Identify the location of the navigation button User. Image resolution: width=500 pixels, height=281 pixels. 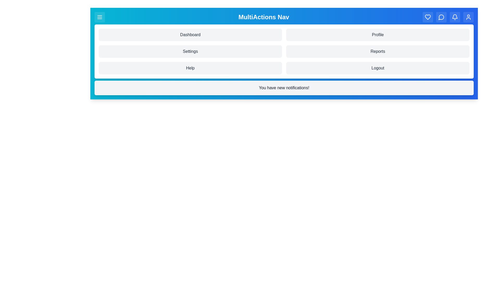
(468, 17).